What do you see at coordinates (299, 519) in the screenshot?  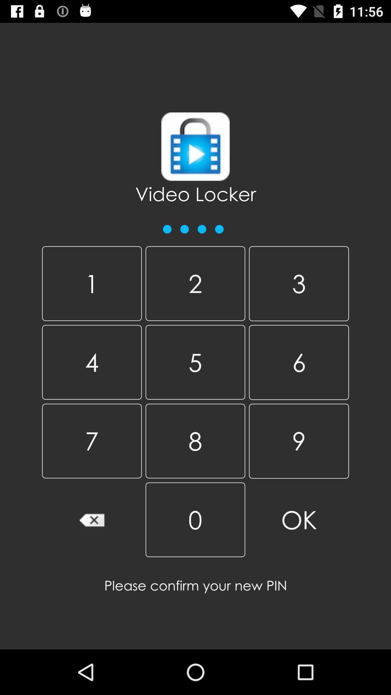 I see `the ok icon` at bounding box center [299, 519].